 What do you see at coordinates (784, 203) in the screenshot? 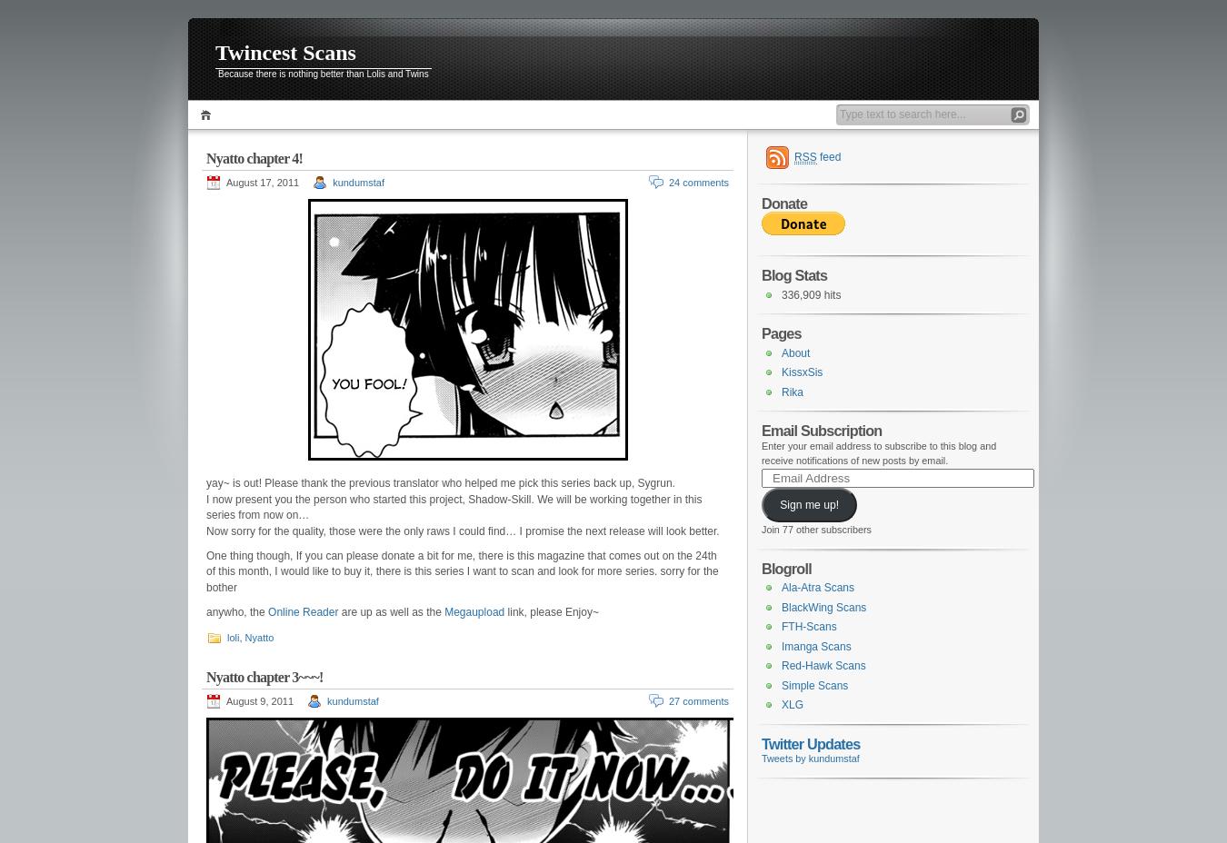
I see `'Donate'` at bounding box center [784, 203].